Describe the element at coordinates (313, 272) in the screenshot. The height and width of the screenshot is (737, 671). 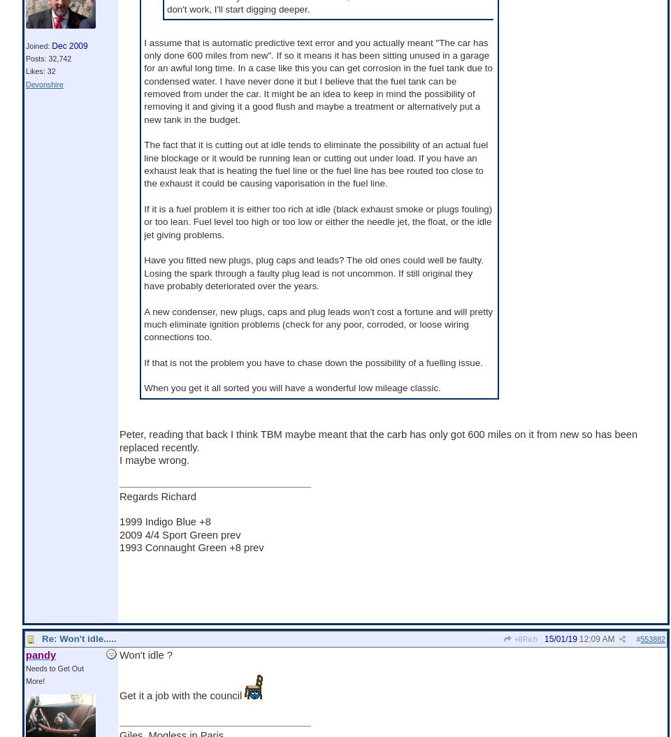
I see `'Have you fitted new plugs, plug caps and leads? The old ones could well be faulty. Losing the spark through a faulty plug lead is not uncommon. If still original they have probably deteriorated over the years.'` at that location.